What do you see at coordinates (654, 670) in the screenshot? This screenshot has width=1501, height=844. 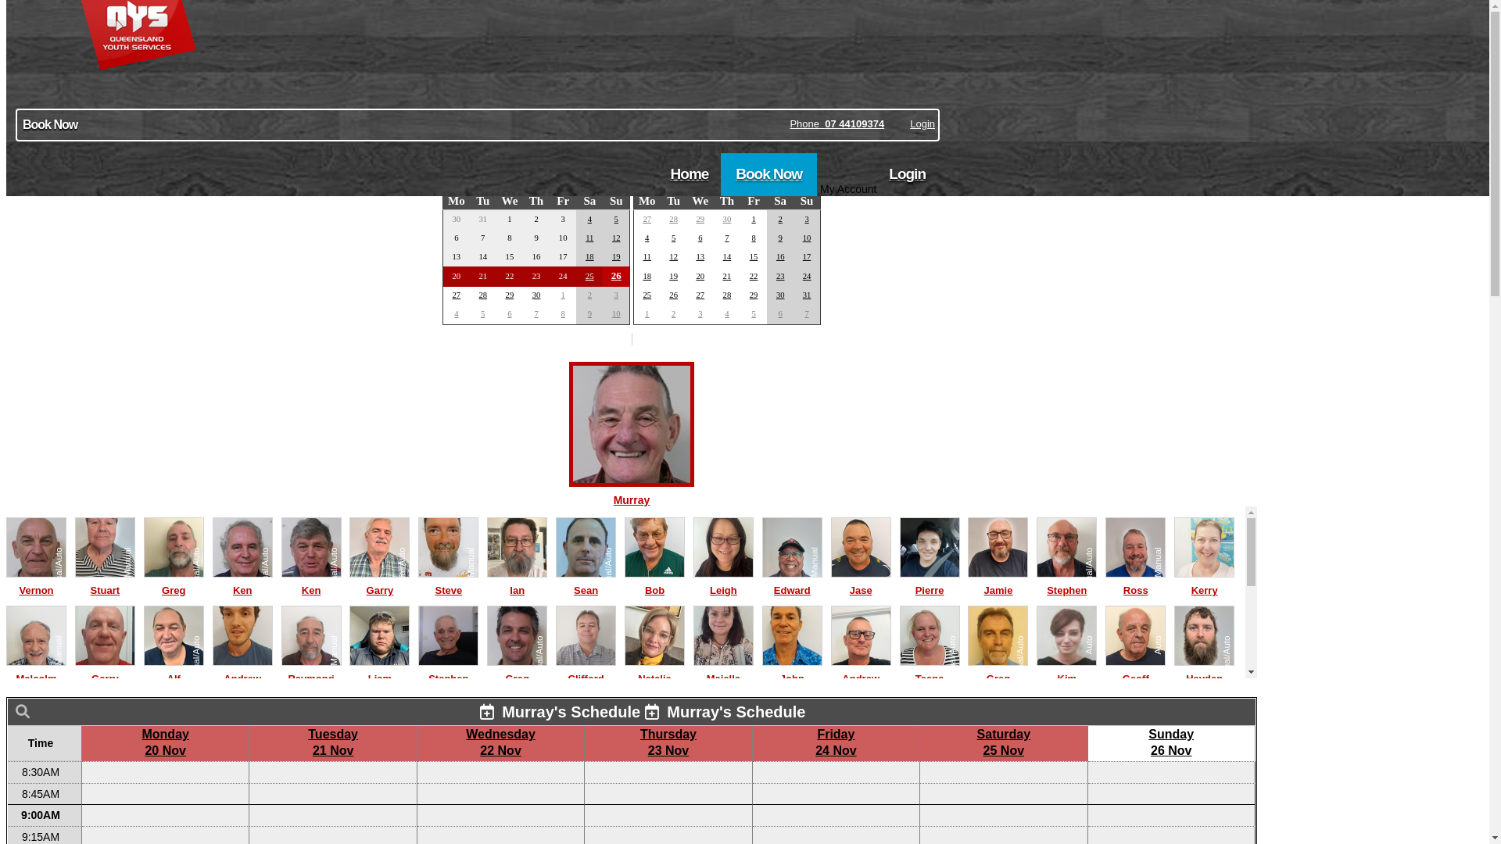 I see `'Natalie'` at bounding box center [654, 670].